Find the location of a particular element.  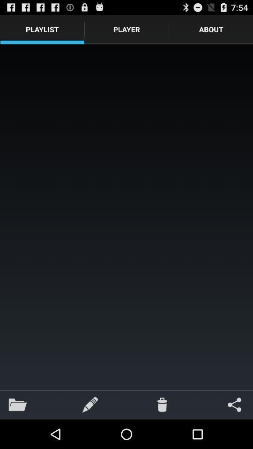

icon at the bottom left corner is located at coordinates (18, 404).